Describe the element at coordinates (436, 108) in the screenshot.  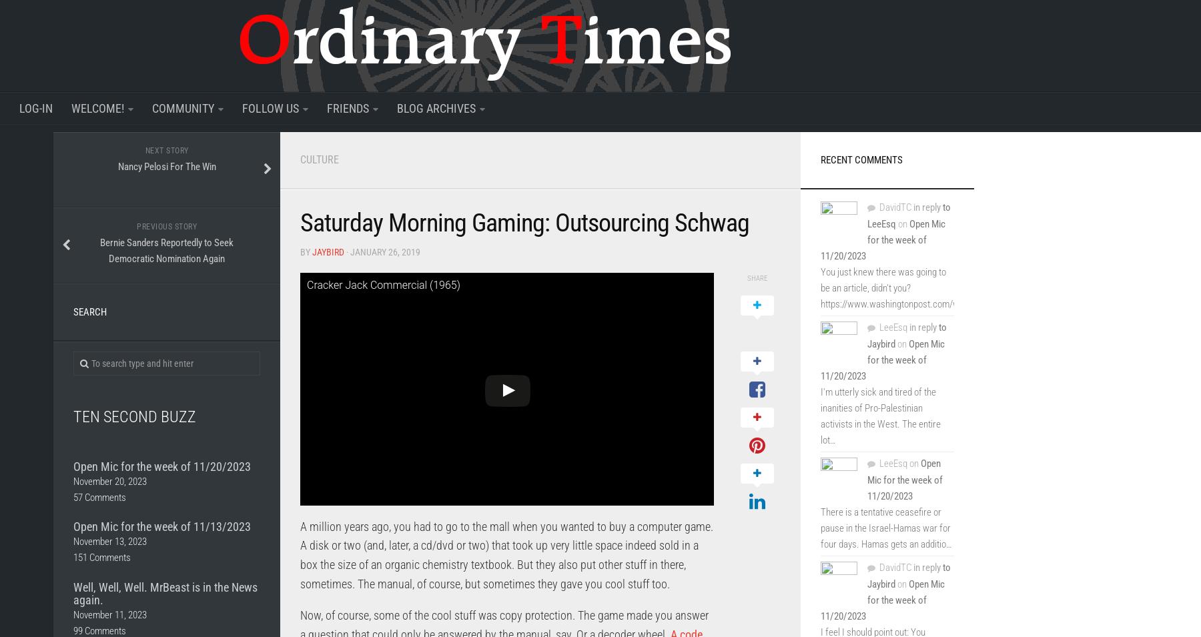
I see `'Blog Archives'` at that location.